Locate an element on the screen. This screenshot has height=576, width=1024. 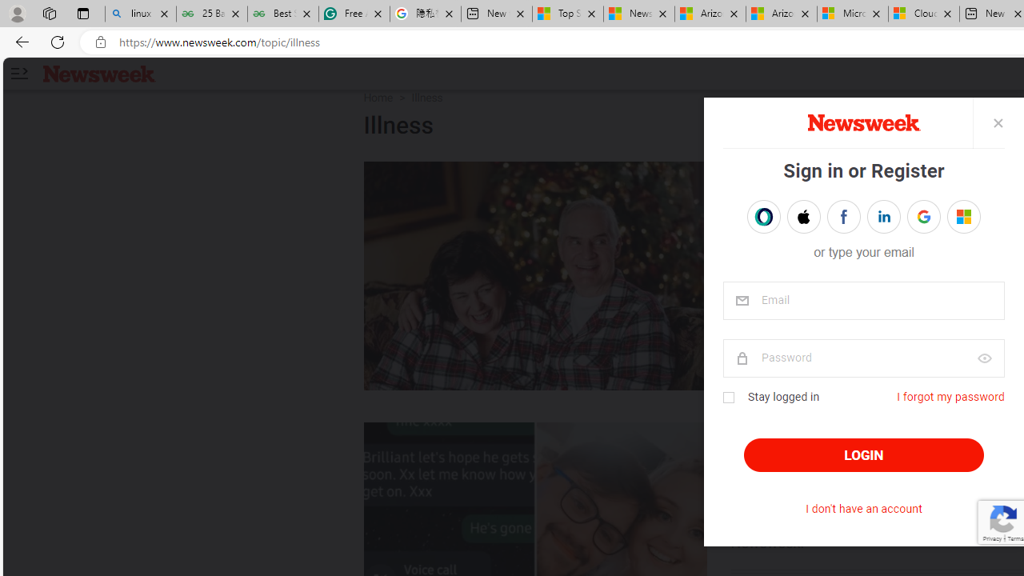
'Back' is located at coordinates (19, 41).